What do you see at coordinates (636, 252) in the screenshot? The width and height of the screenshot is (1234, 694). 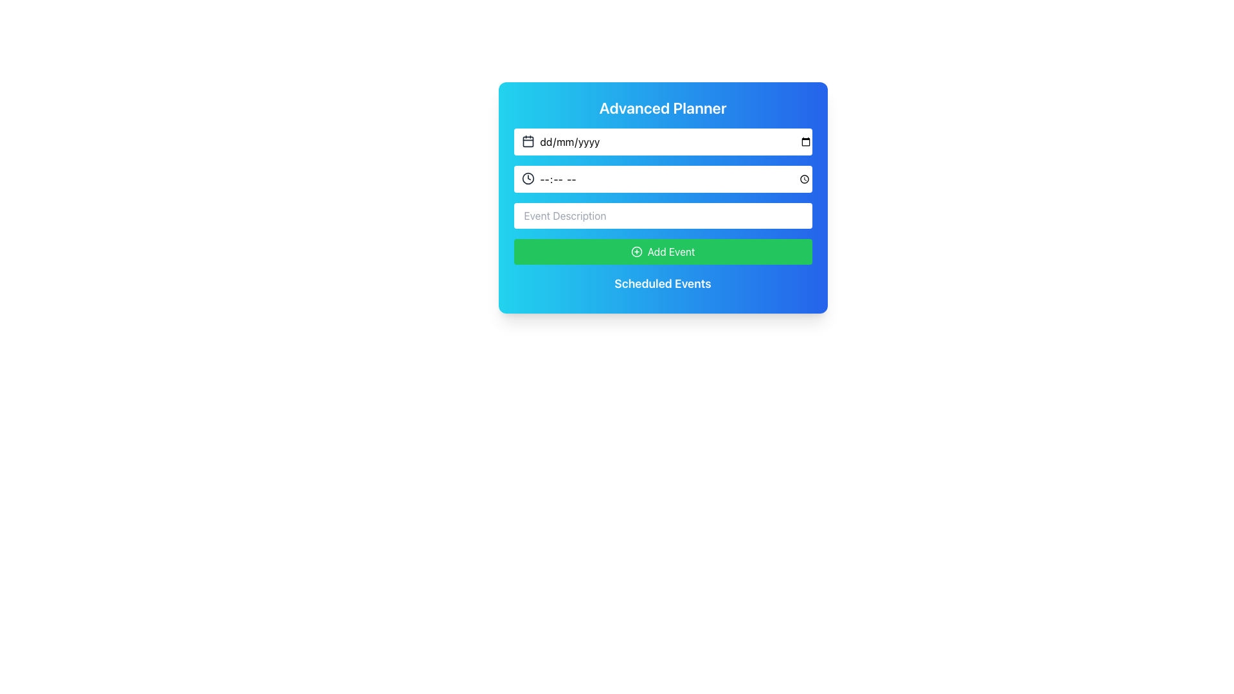 I see `the circular icon within the 'Add Event' button, which is visually complemented by the green rectangle surrounding it` at bounding box center [636, 252].